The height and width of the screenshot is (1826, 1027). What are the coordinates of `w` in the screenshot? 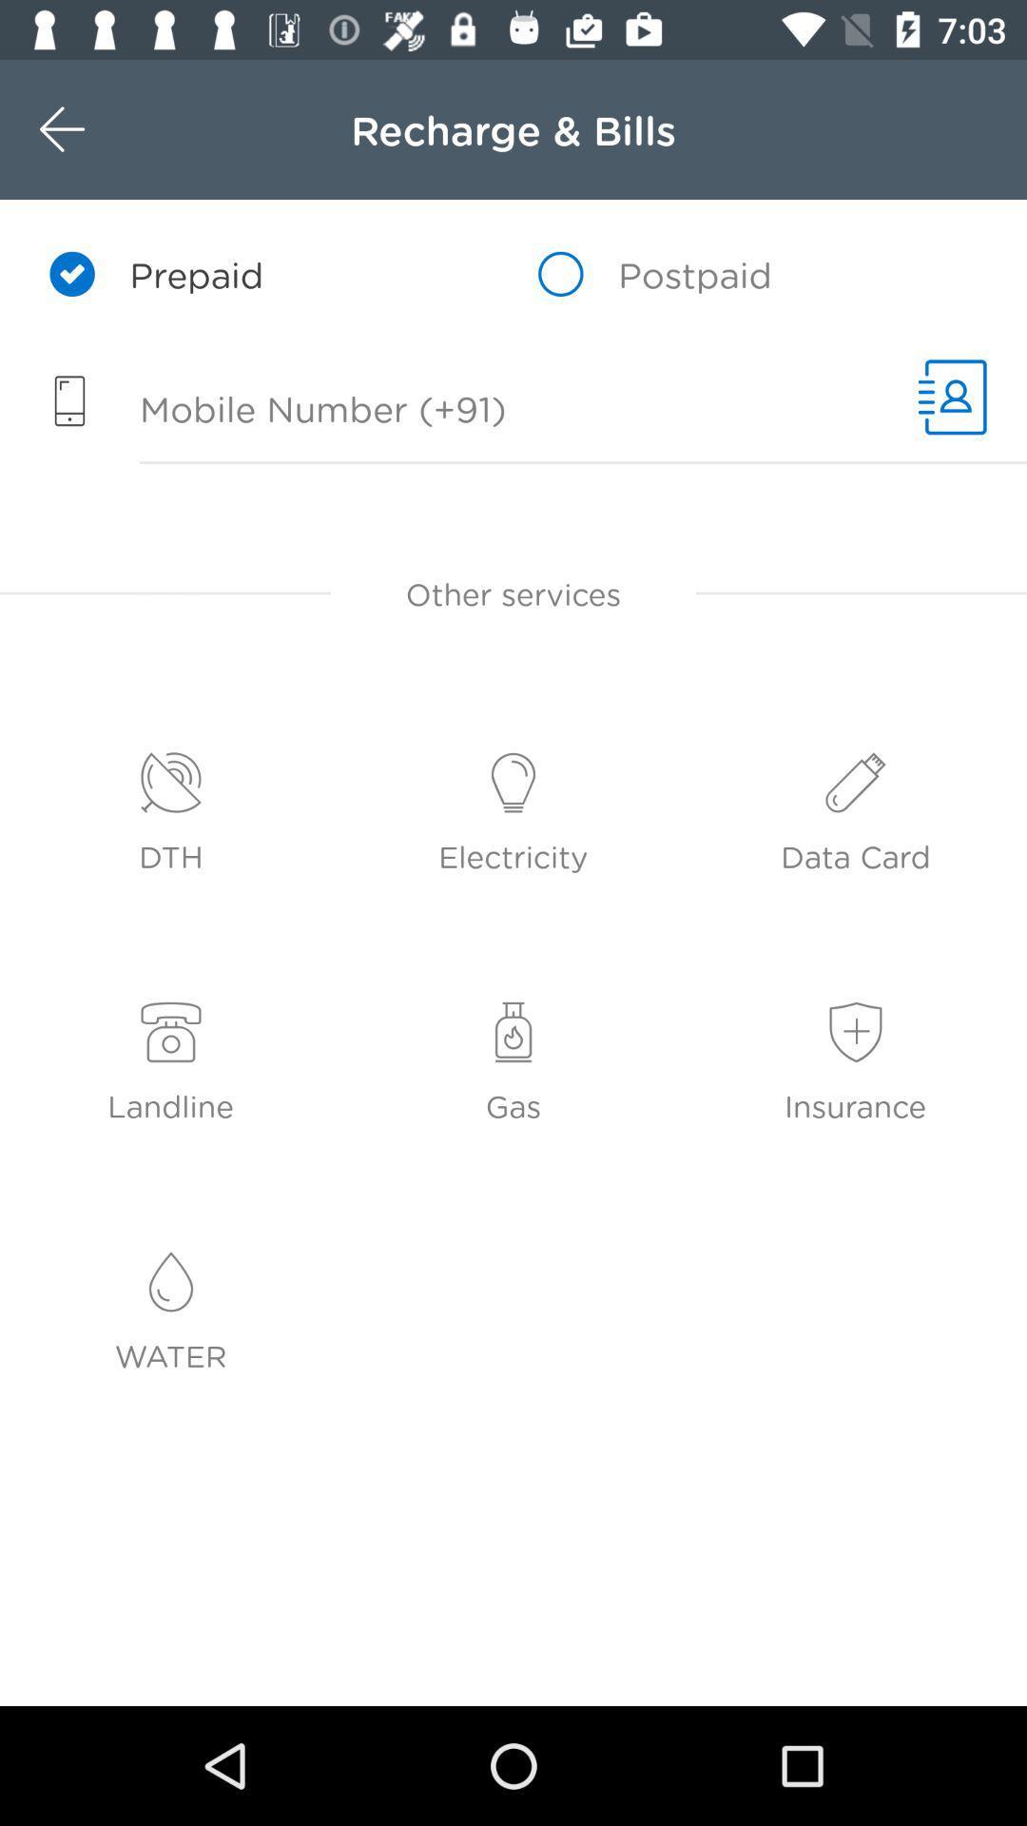 It's located at (103, 128).